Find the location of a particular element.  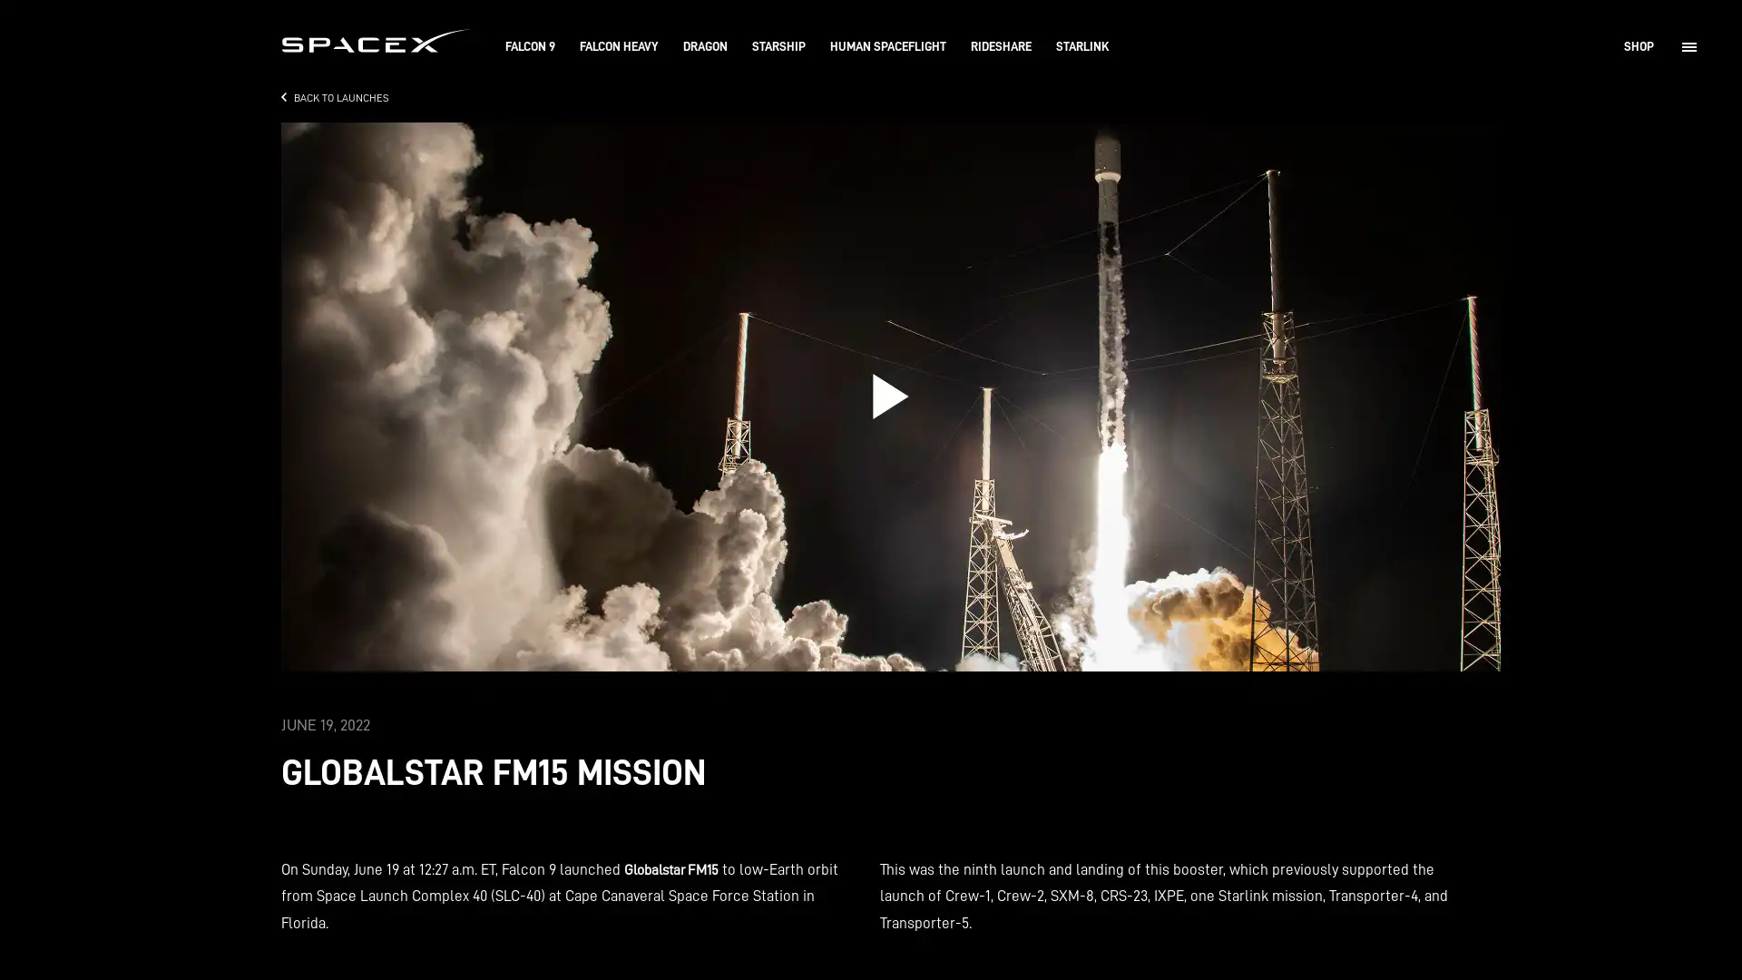

Menu is located at coordinates (1688, 45).